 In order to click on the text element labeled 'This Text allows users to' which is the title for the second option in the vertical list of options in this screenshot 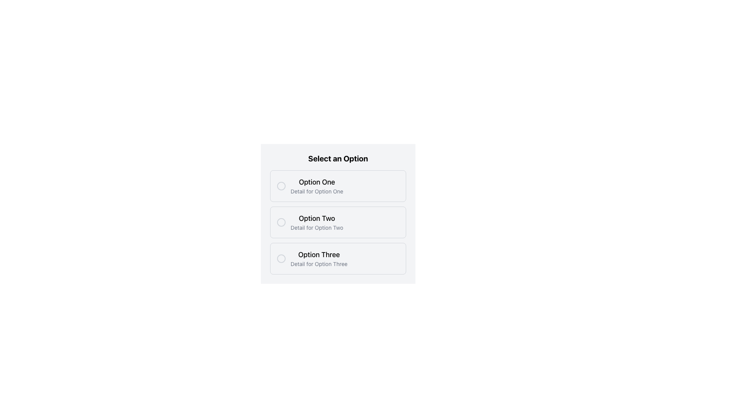, I will do `click(317, 219)`.